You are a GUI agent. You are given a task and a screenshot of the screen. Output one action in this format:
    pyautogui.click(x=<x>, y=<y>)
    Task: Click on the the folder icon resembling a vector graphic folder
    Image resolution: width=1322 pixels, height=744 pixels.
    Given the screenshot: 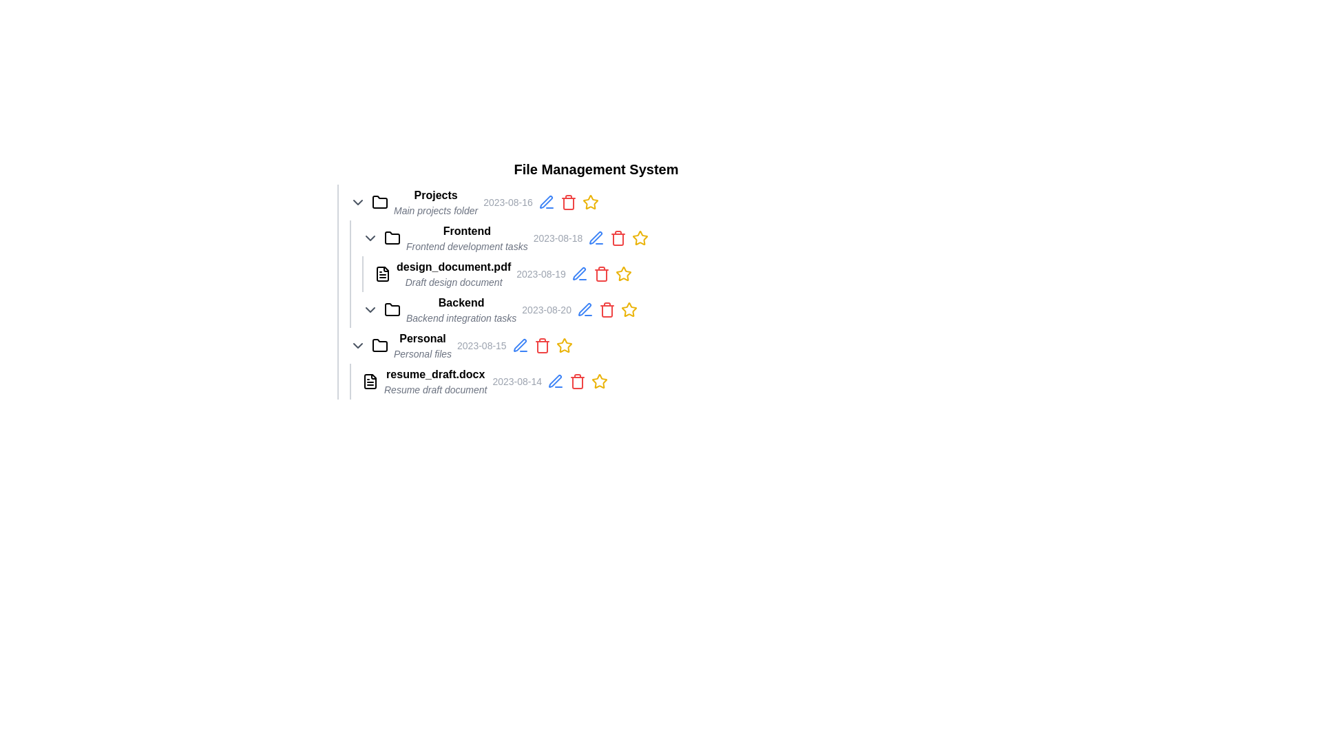 What is the action you would take?
    pyautogui.click(x=380, y=344)
    